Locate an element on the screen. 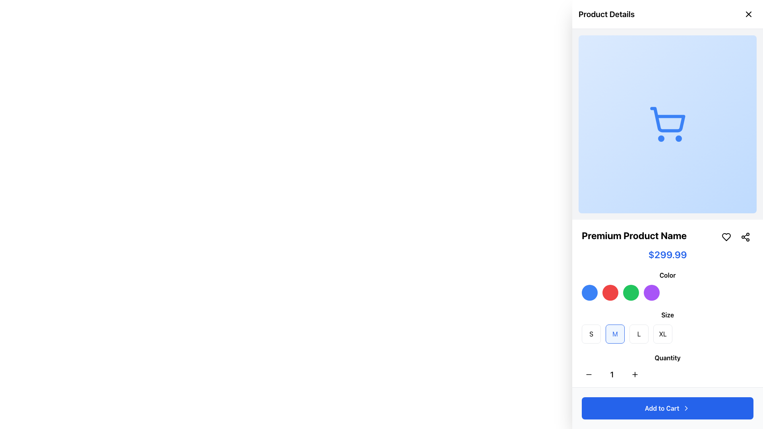 The width and height of the screenshot is (763, 429). the share button located on the right side of the 'Premium Product Name' card, which is the second button in a horizontal grouping following the 'heart' icon is located at coordinates (745, 237).